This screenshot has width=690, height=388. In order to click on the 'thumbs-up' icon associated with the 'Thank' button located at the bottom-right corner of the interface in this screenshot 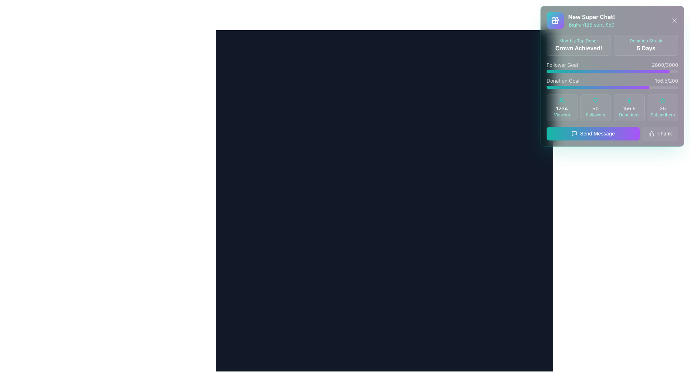, I will do `click(652, 133)`.